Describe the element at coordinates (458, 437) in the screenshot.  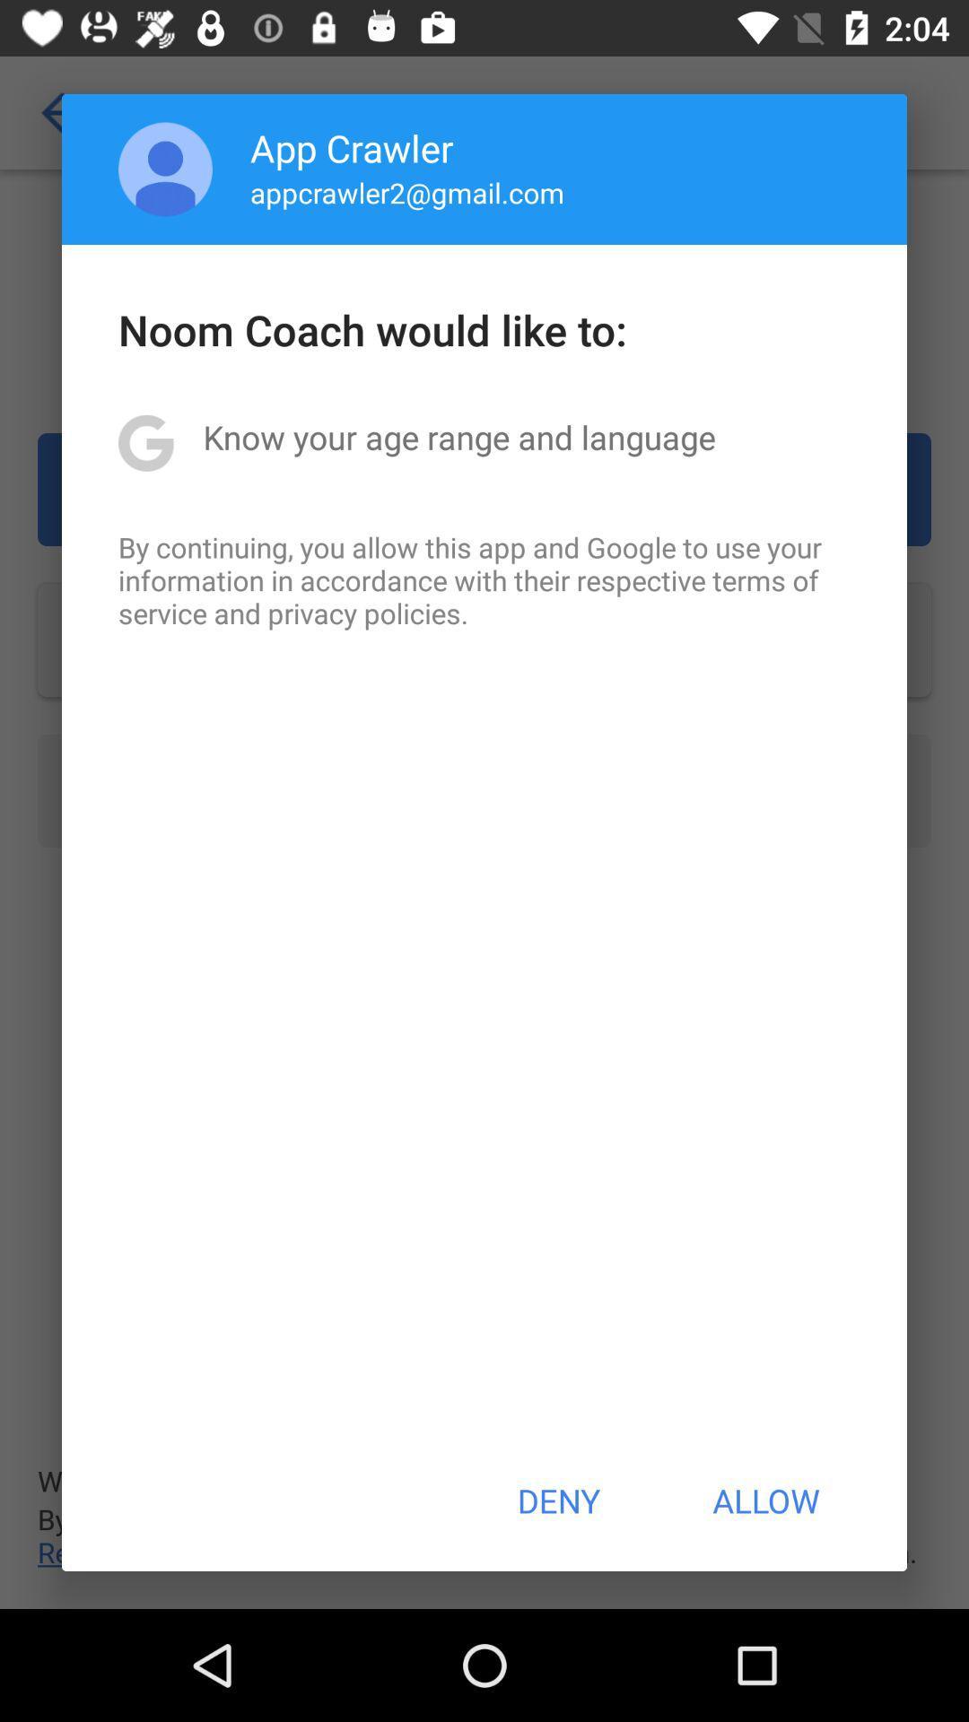
I see `know your age item` at that location.